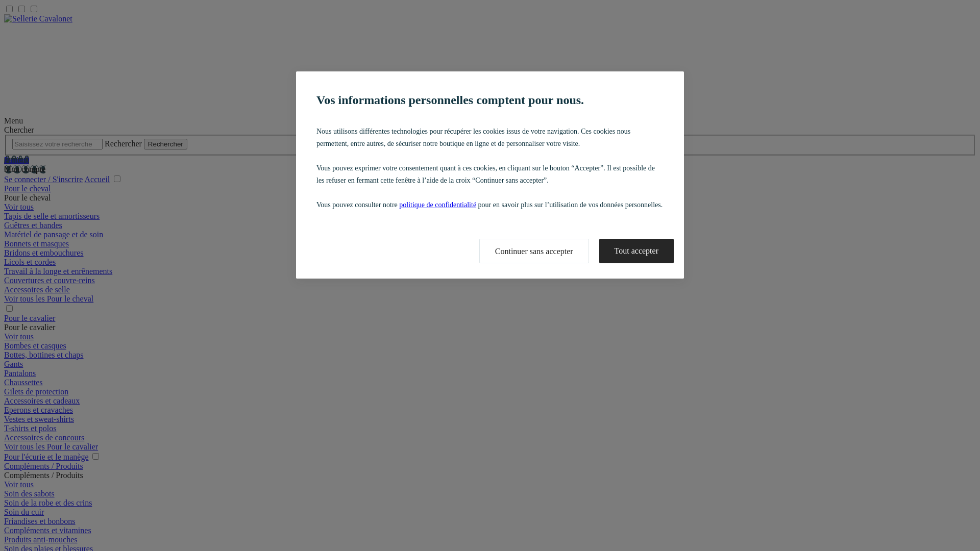 The height and width of the screenshot is (551, 980). I want to click on 'Produits anti-mouches', so click(4, 539).